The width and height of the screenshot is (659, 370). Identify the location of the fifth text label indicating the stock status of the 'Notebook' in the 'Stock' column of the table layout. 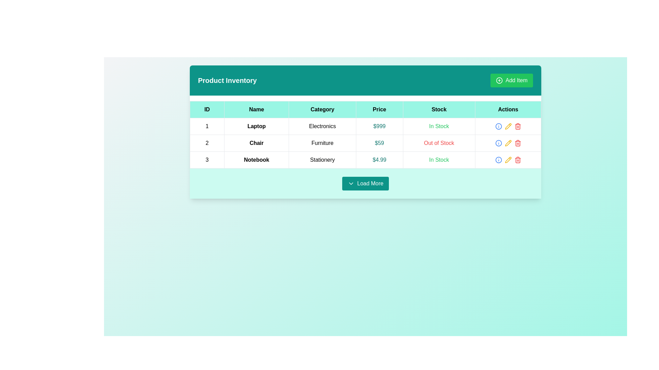
(439, 160).